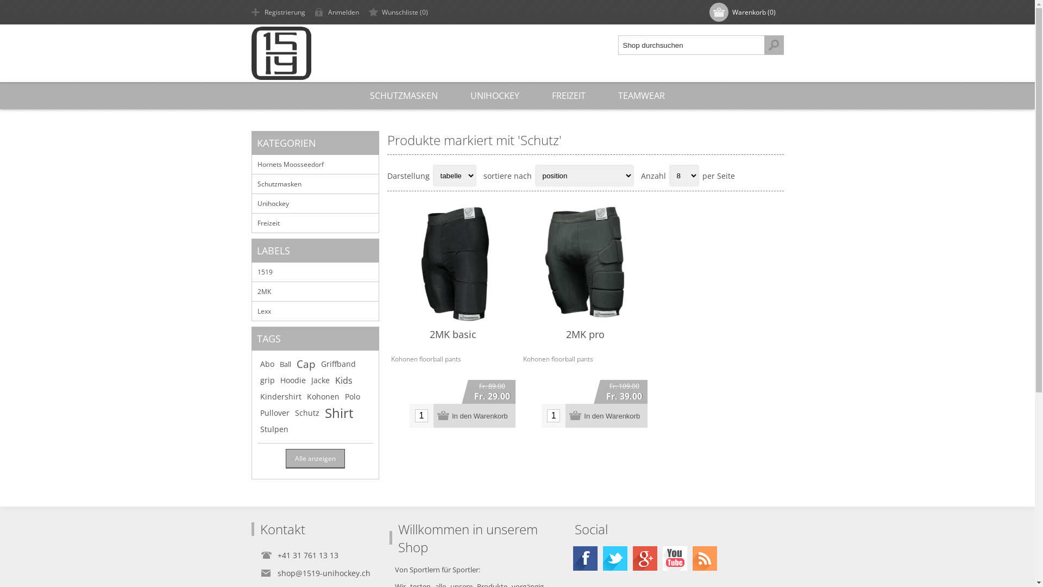  What do you see at coordinates (315, 203) in the screenshot?
I see `'Unihockey'` at bounding box center [315, 203].